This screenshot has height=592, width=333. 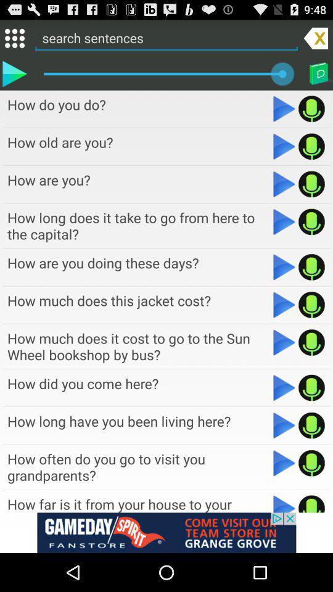 What do you see at coordinates (311, 267) in the screenshot?
I see `search sentences how are you doing these days` at bounding box center [311, 267].